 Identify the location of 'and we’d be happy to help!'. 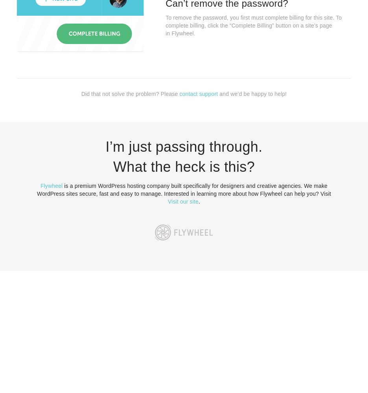
(252, 93).